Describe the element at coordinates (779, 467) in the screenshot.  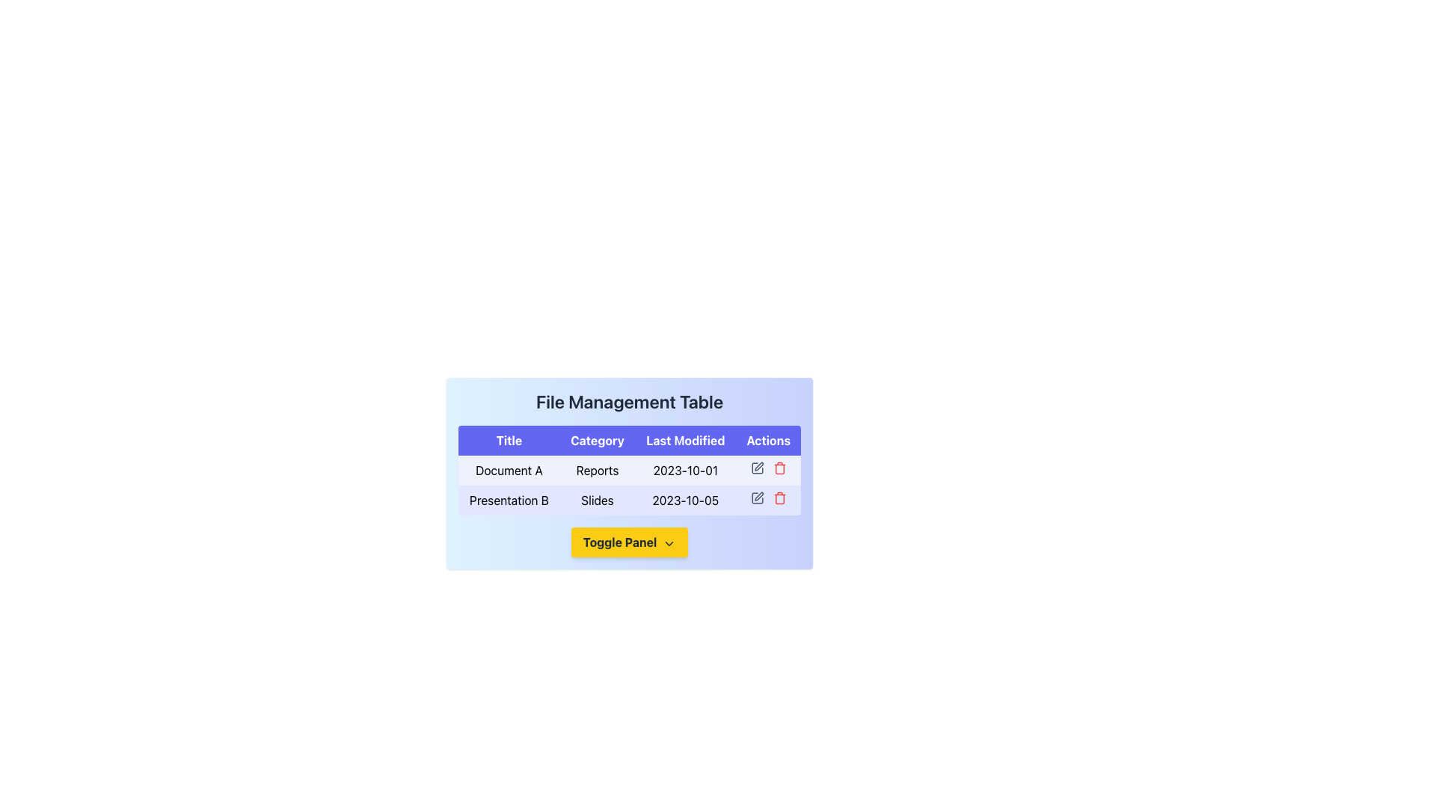
I see `the red trash icon, which is the rightmost icon in the 'Actions' column of the second row in the table` at that location.